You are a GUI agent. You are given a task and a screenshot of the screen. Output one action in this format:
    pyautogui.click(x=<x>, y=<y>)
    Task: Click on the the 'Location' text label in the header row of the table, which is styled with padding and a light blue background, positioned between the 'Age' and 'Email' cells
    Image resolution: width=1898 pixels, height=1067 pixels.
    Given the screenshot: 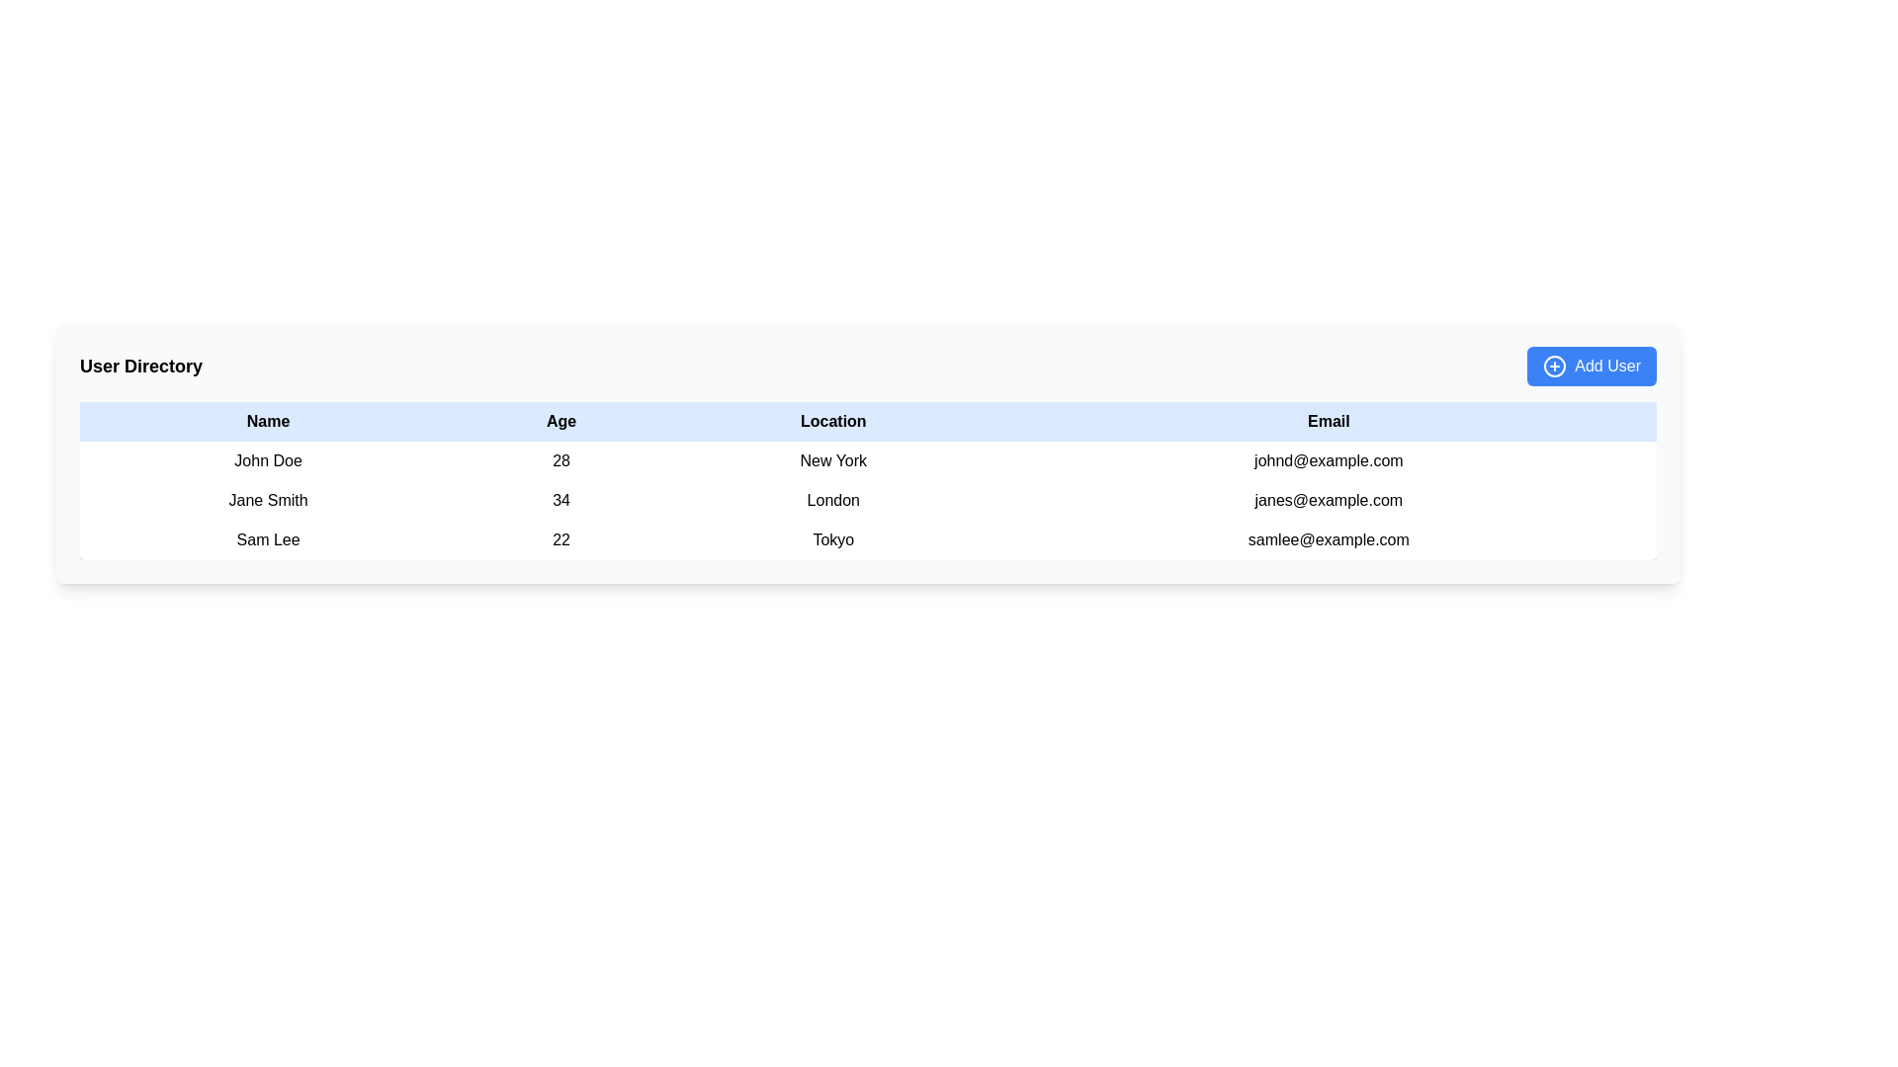 What is the action you would take?
    pyautogui.click(x=833, y=421)
    